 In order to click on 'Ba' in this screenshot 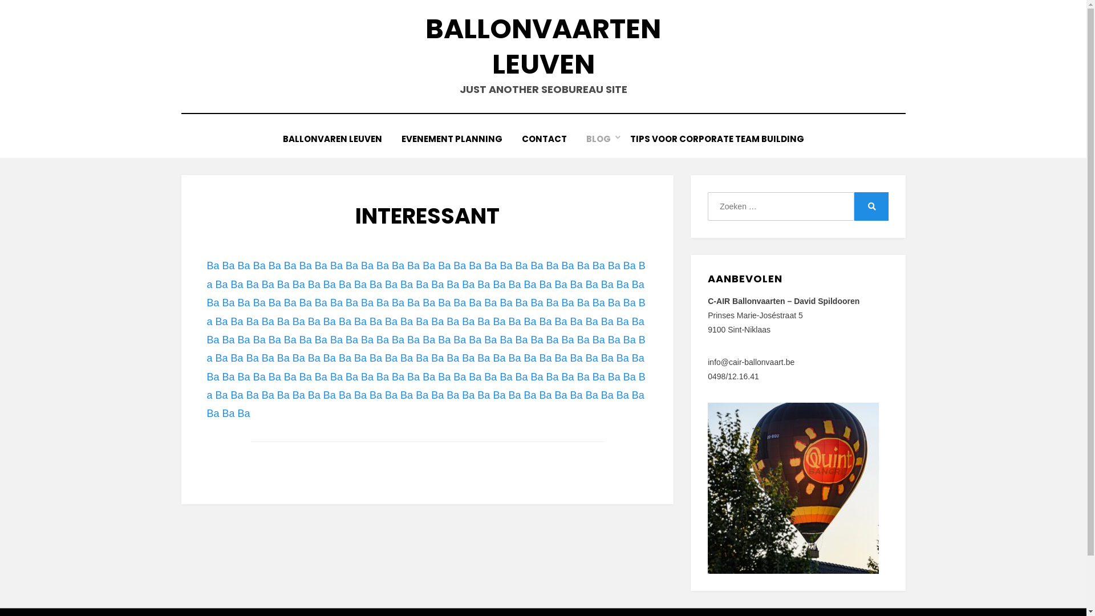, I will do `click(546, 302)`.